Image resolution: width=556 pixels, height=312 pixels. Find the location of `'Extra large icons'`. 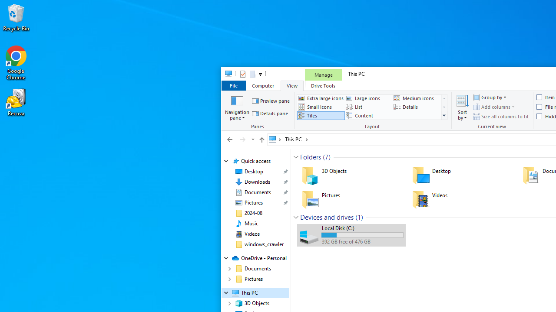

'Extra large icons' is located at coordinates (320, 97).